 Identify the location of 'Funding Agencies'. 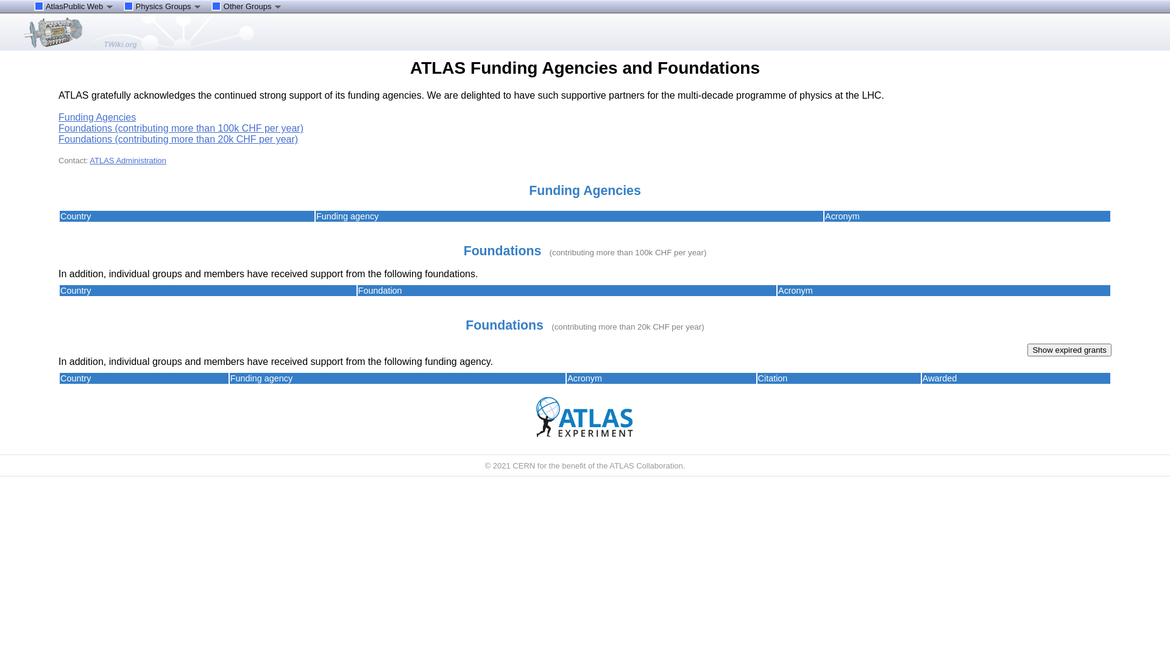
(96, 117).